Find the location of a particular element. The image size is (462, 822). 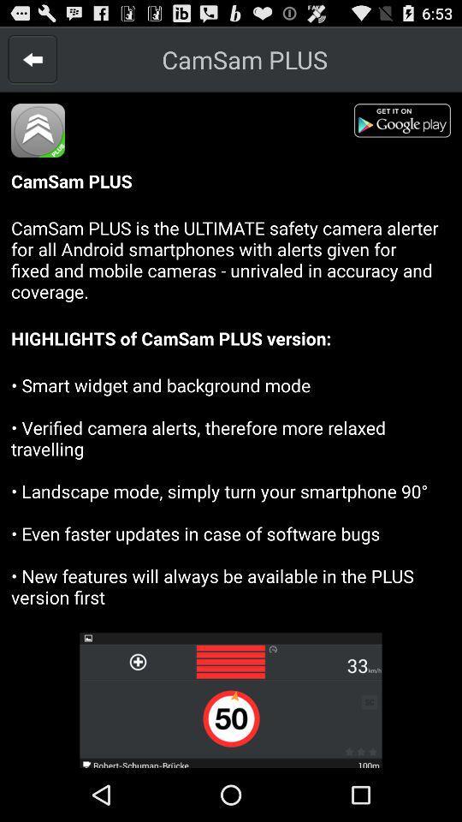

go back is located at coordinates (33, 59).